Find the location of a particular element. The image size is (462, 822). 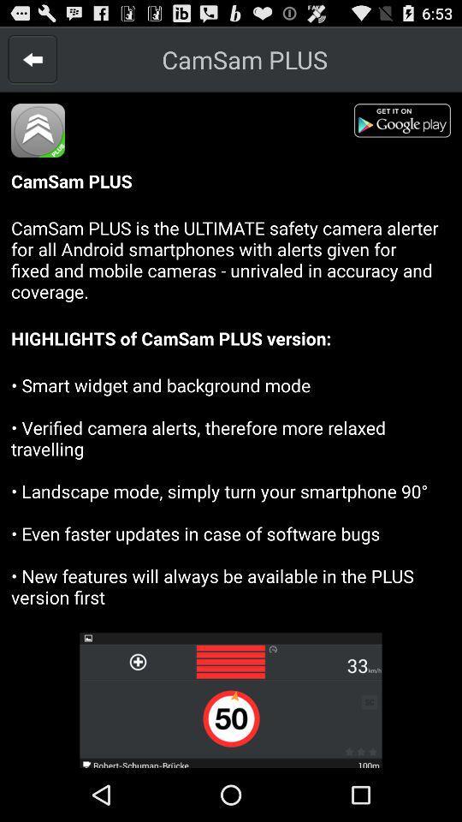

go back is located at coordinates (33, 59).